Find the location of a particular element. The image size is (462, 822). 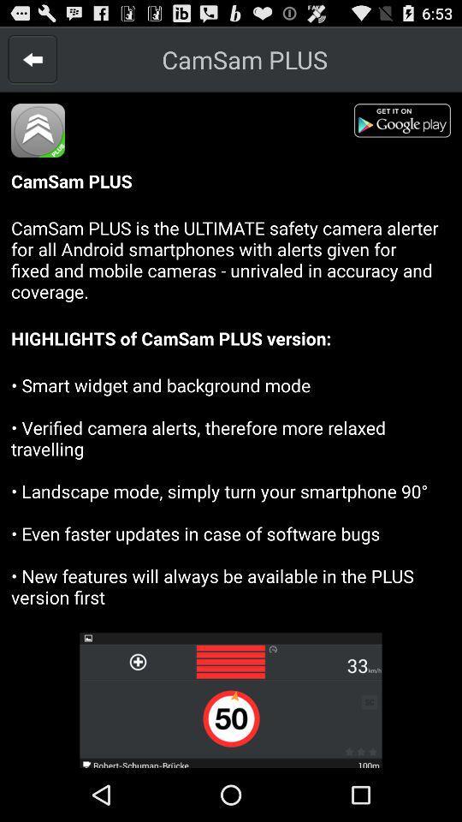

go back is located at coordinates (33, 59).